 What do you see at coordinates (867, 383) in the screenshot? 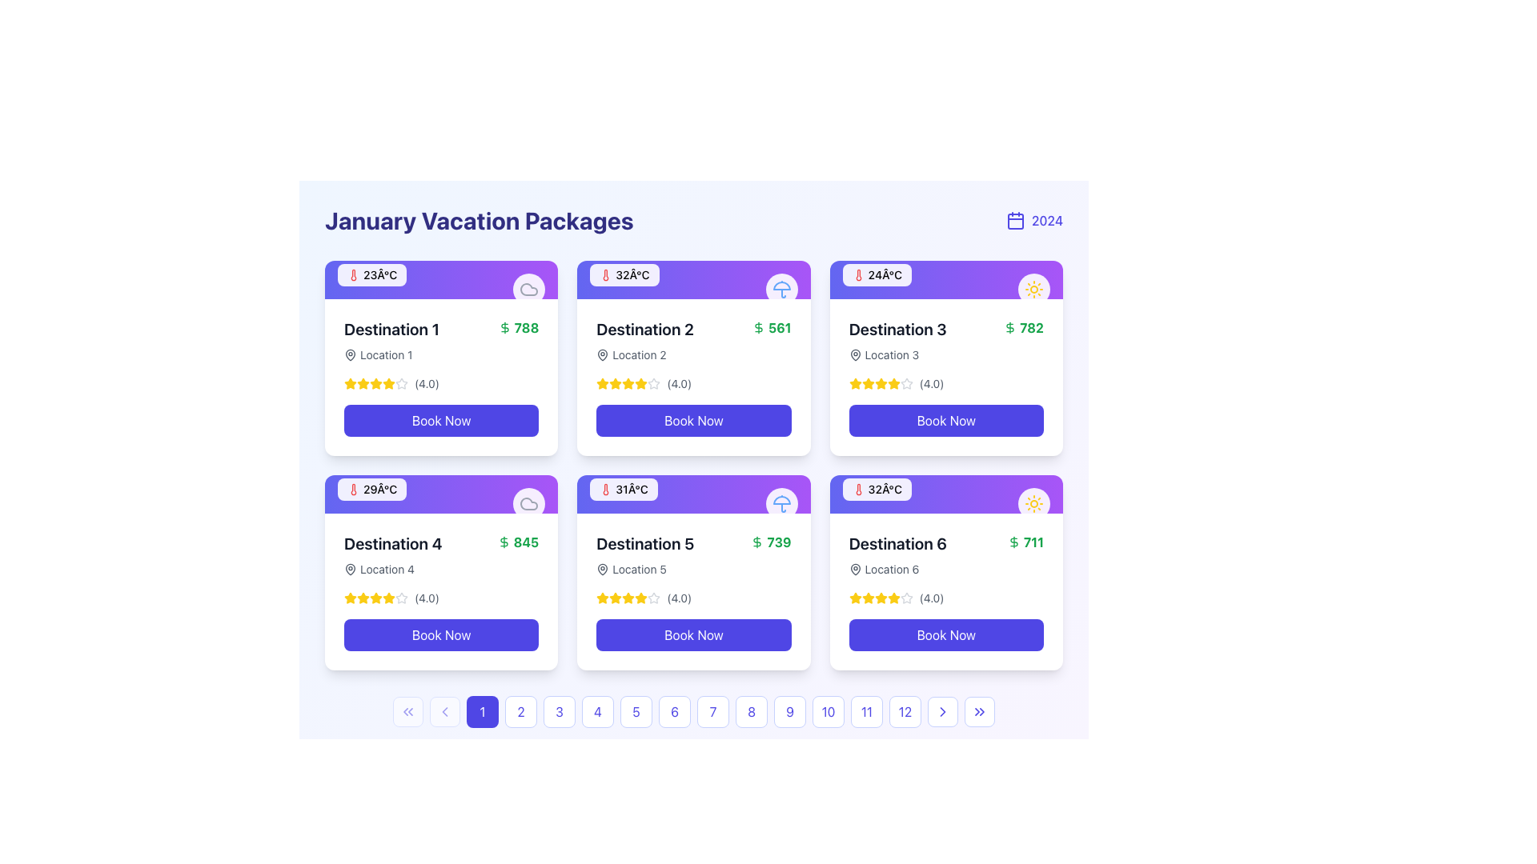
I see `the second star icon in the rating system located below the 'Destination 3' card` at bounding box center [867, 383].